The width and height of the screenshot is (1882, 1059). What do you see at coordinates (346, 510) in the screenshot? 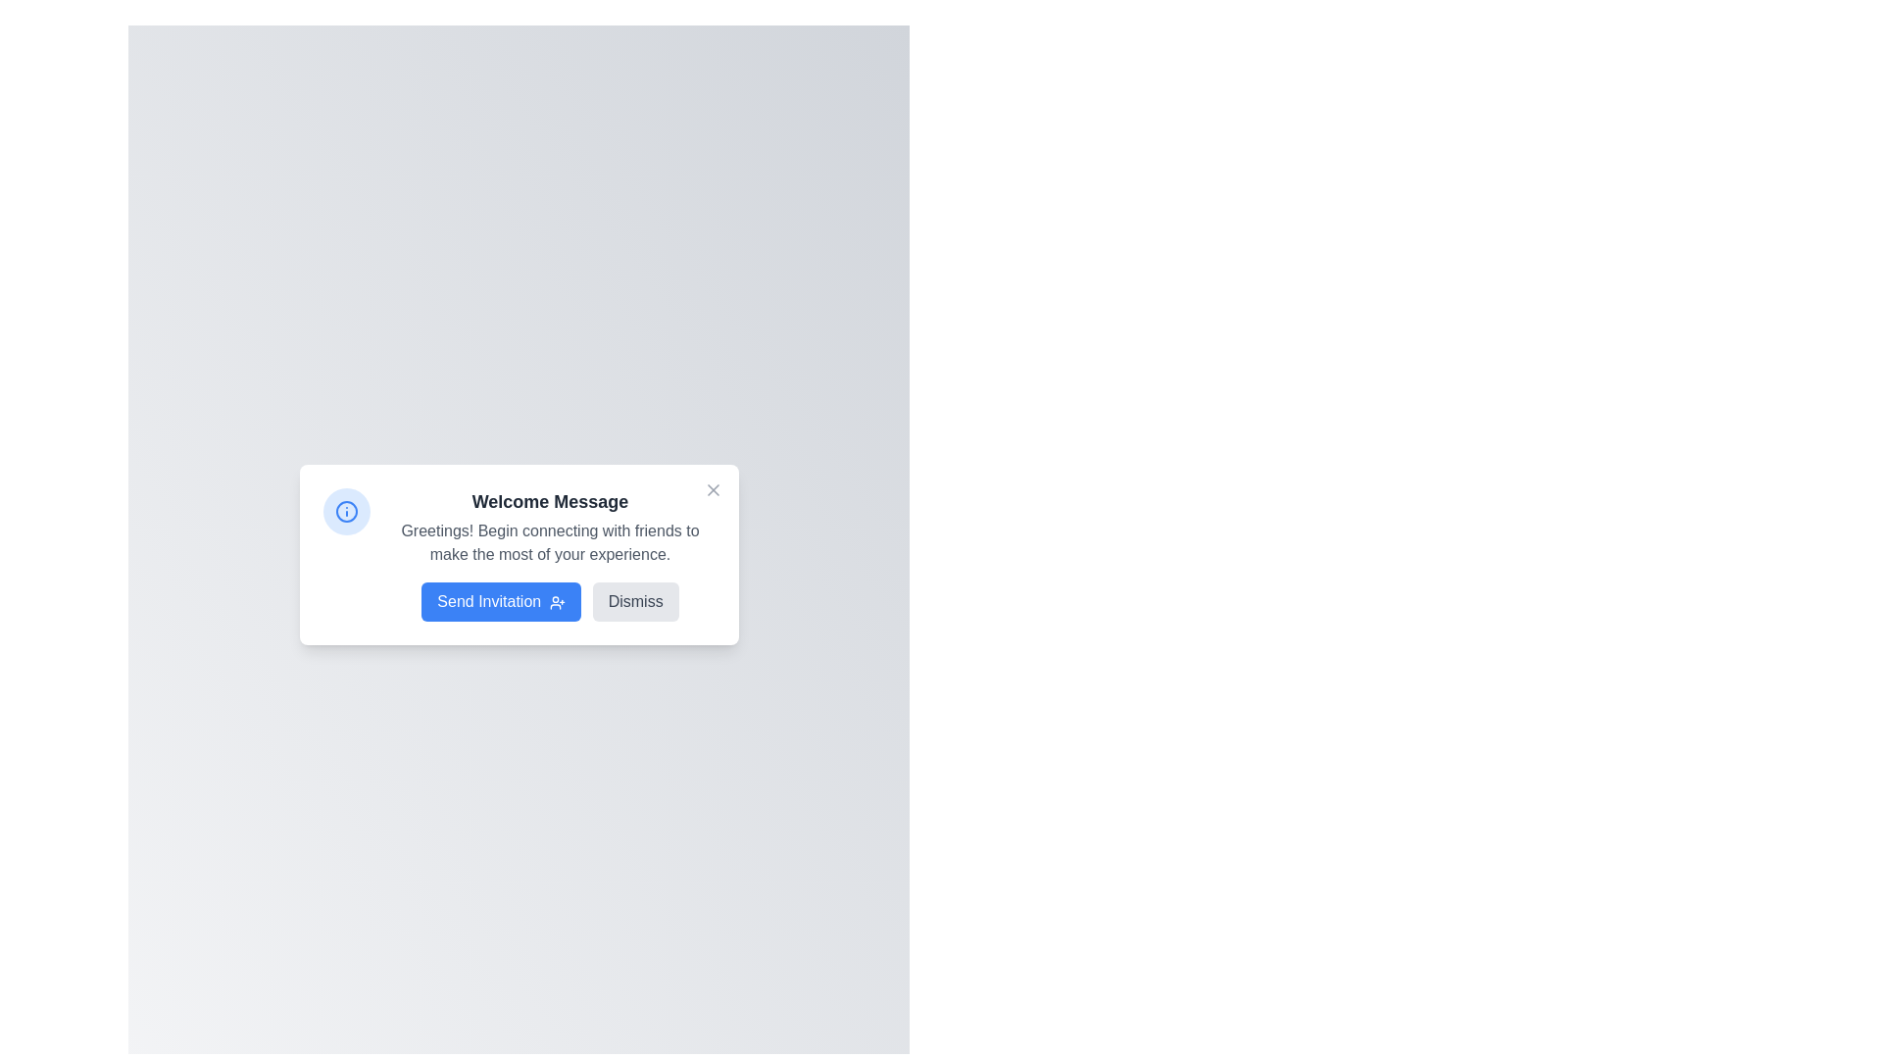
I see `the circular blue icon featuring an outline and a small dot, located to the left of the 'Welcome Message' section` at bounding box center [346, 510].